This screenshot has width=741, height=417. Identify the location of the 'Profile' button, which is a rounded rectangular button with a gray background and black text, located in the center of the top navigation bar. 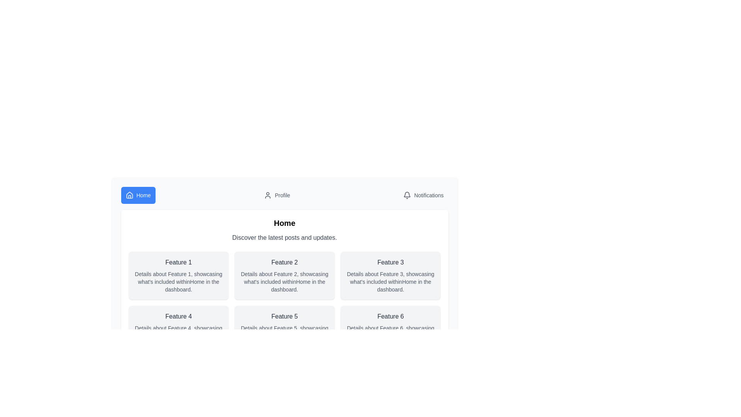
(277, 195).